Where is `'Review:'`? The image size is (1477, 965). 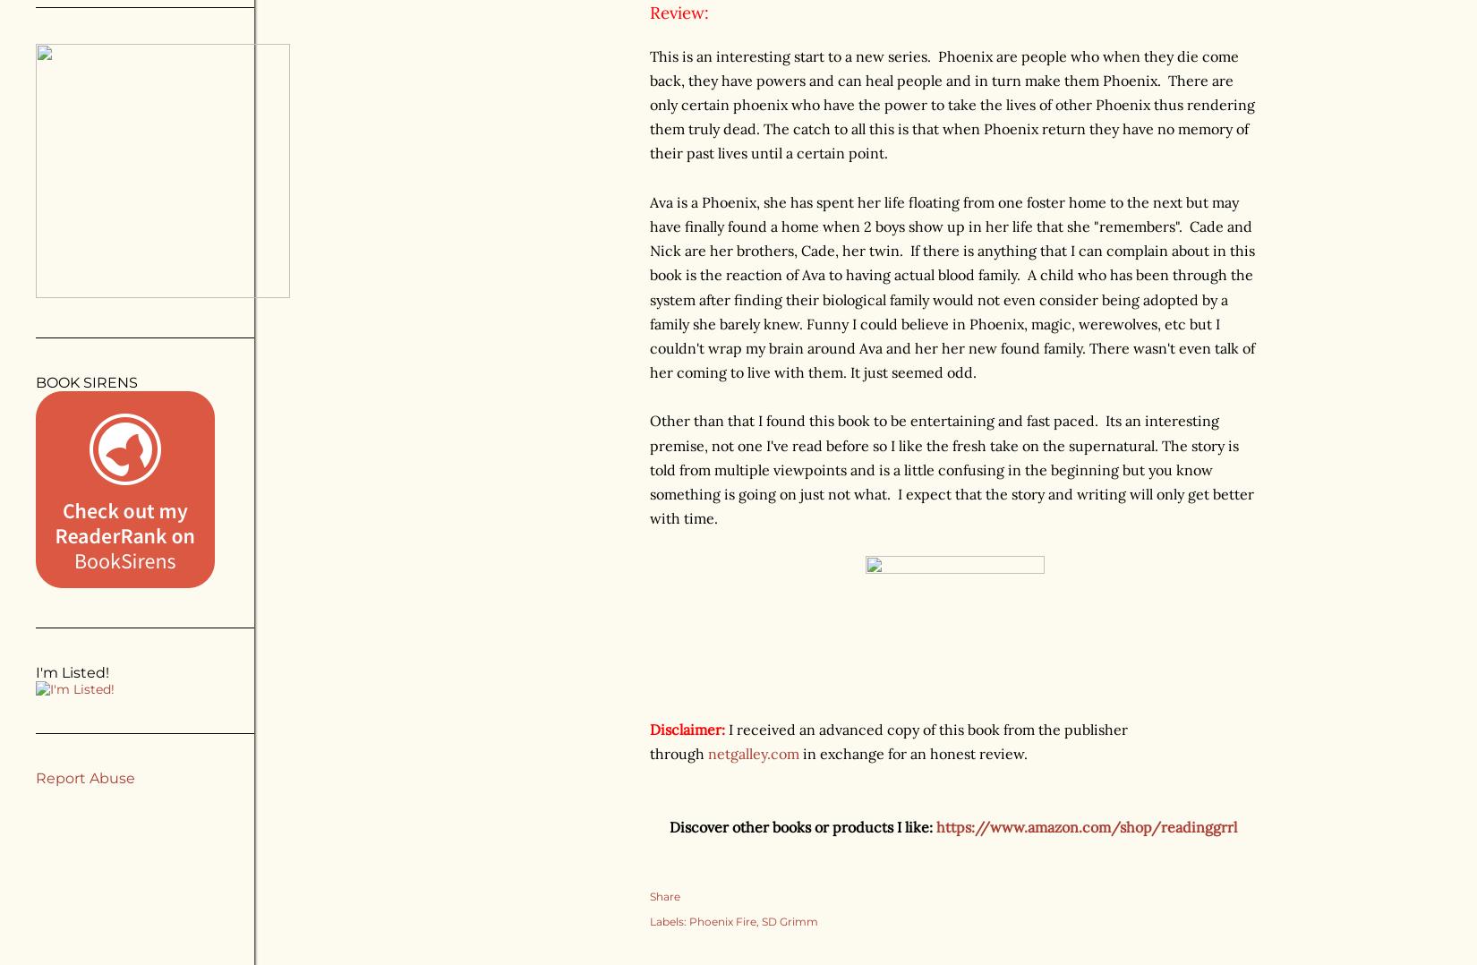 'Review:' is located at coordinates (679, 12).